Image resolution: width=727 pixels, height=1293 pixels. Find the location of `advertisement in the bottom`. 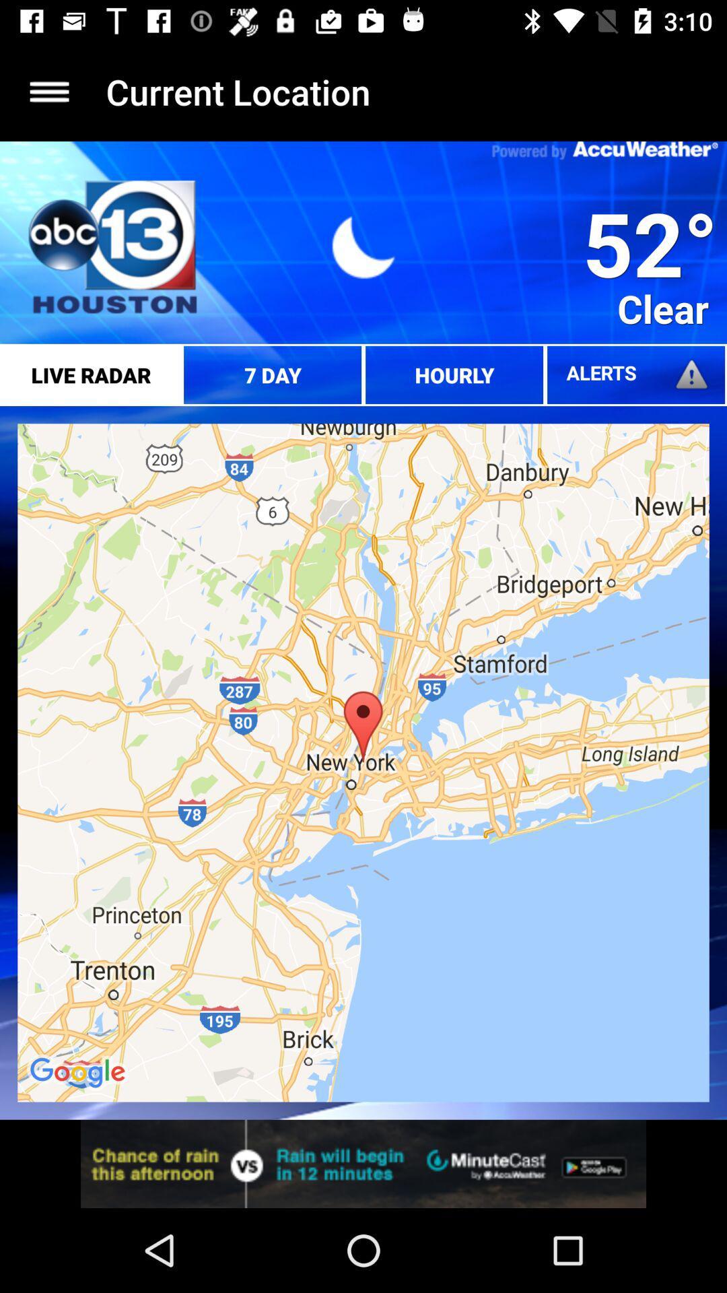

advertisement in the bottom is located at coordinates (363, 1163).